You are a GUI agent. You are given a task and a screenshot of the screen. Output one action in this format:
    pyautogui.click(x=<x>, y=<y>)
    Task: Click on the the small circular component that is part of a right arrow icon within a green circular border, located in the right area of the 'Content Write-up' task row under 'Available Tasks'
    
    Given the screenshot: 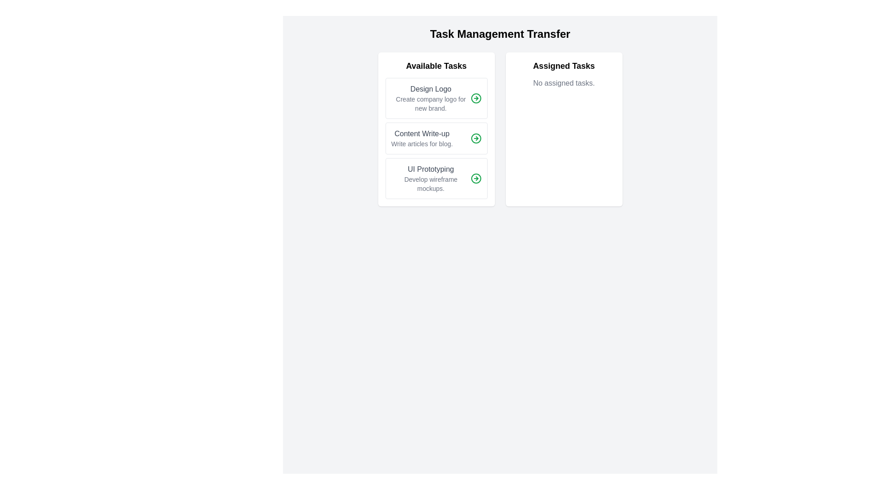 What is the action you would take?
    pyautogui.click(x=475, y=138)
    